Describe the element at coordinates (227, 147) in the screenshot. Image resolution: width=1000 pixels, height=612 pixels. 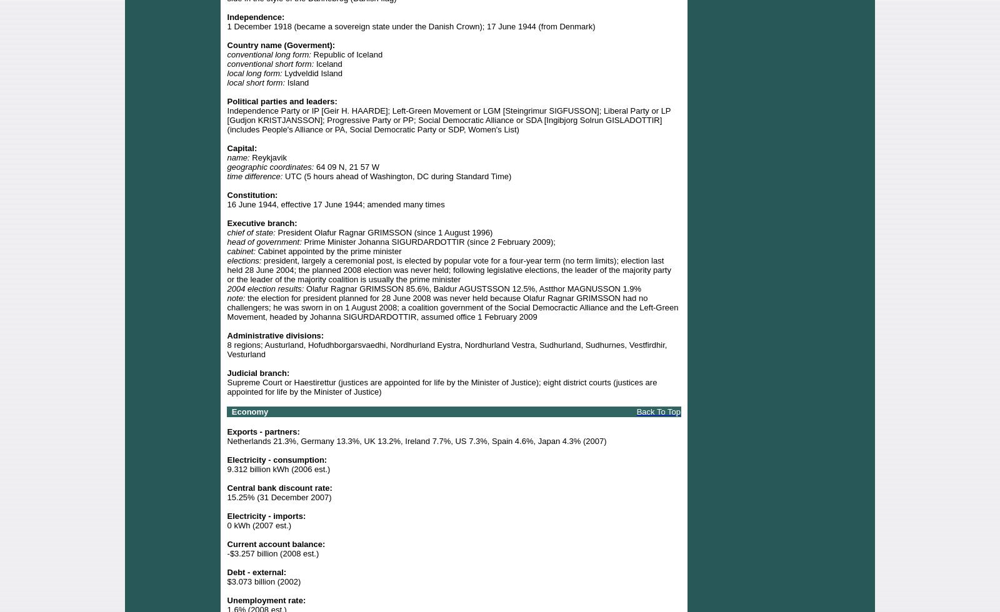
I see `'Capital:'` at that location.